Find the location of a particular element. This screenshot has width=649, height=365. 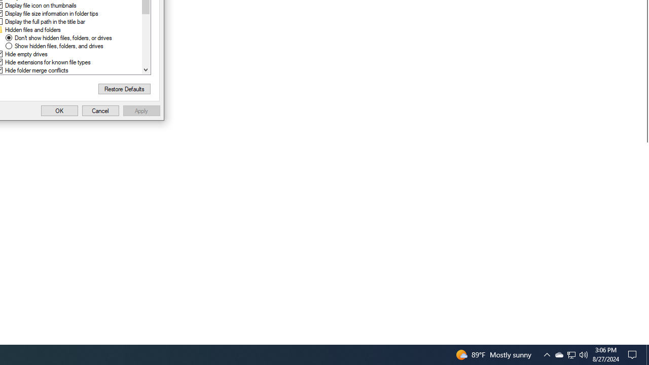

'Hide folder merge conflicts' is located at coordinates (37, 69).